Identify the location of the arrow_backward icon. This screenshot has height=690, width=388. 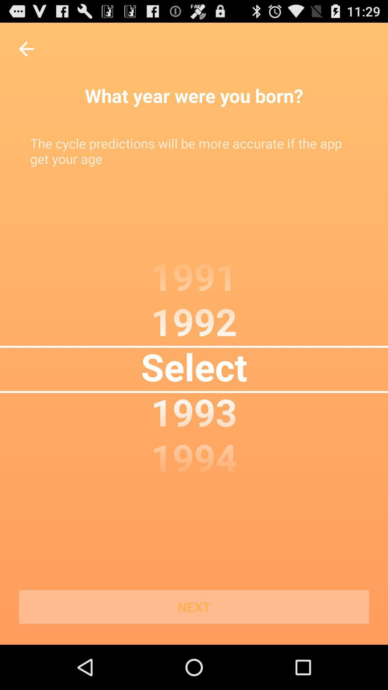
(26, 52).